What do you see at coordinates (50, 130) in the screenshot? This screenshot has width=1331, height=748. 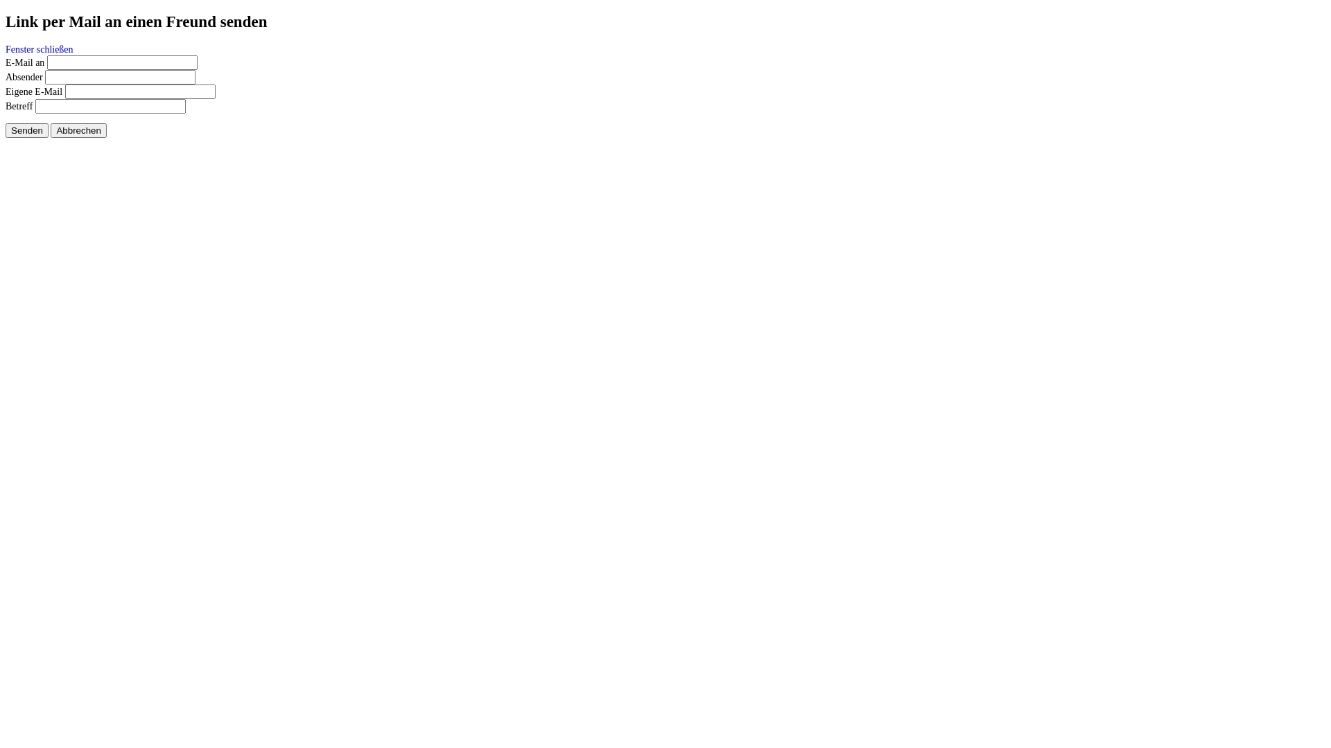 I see `'Abbrechen'` at bounding box center [50, 130].